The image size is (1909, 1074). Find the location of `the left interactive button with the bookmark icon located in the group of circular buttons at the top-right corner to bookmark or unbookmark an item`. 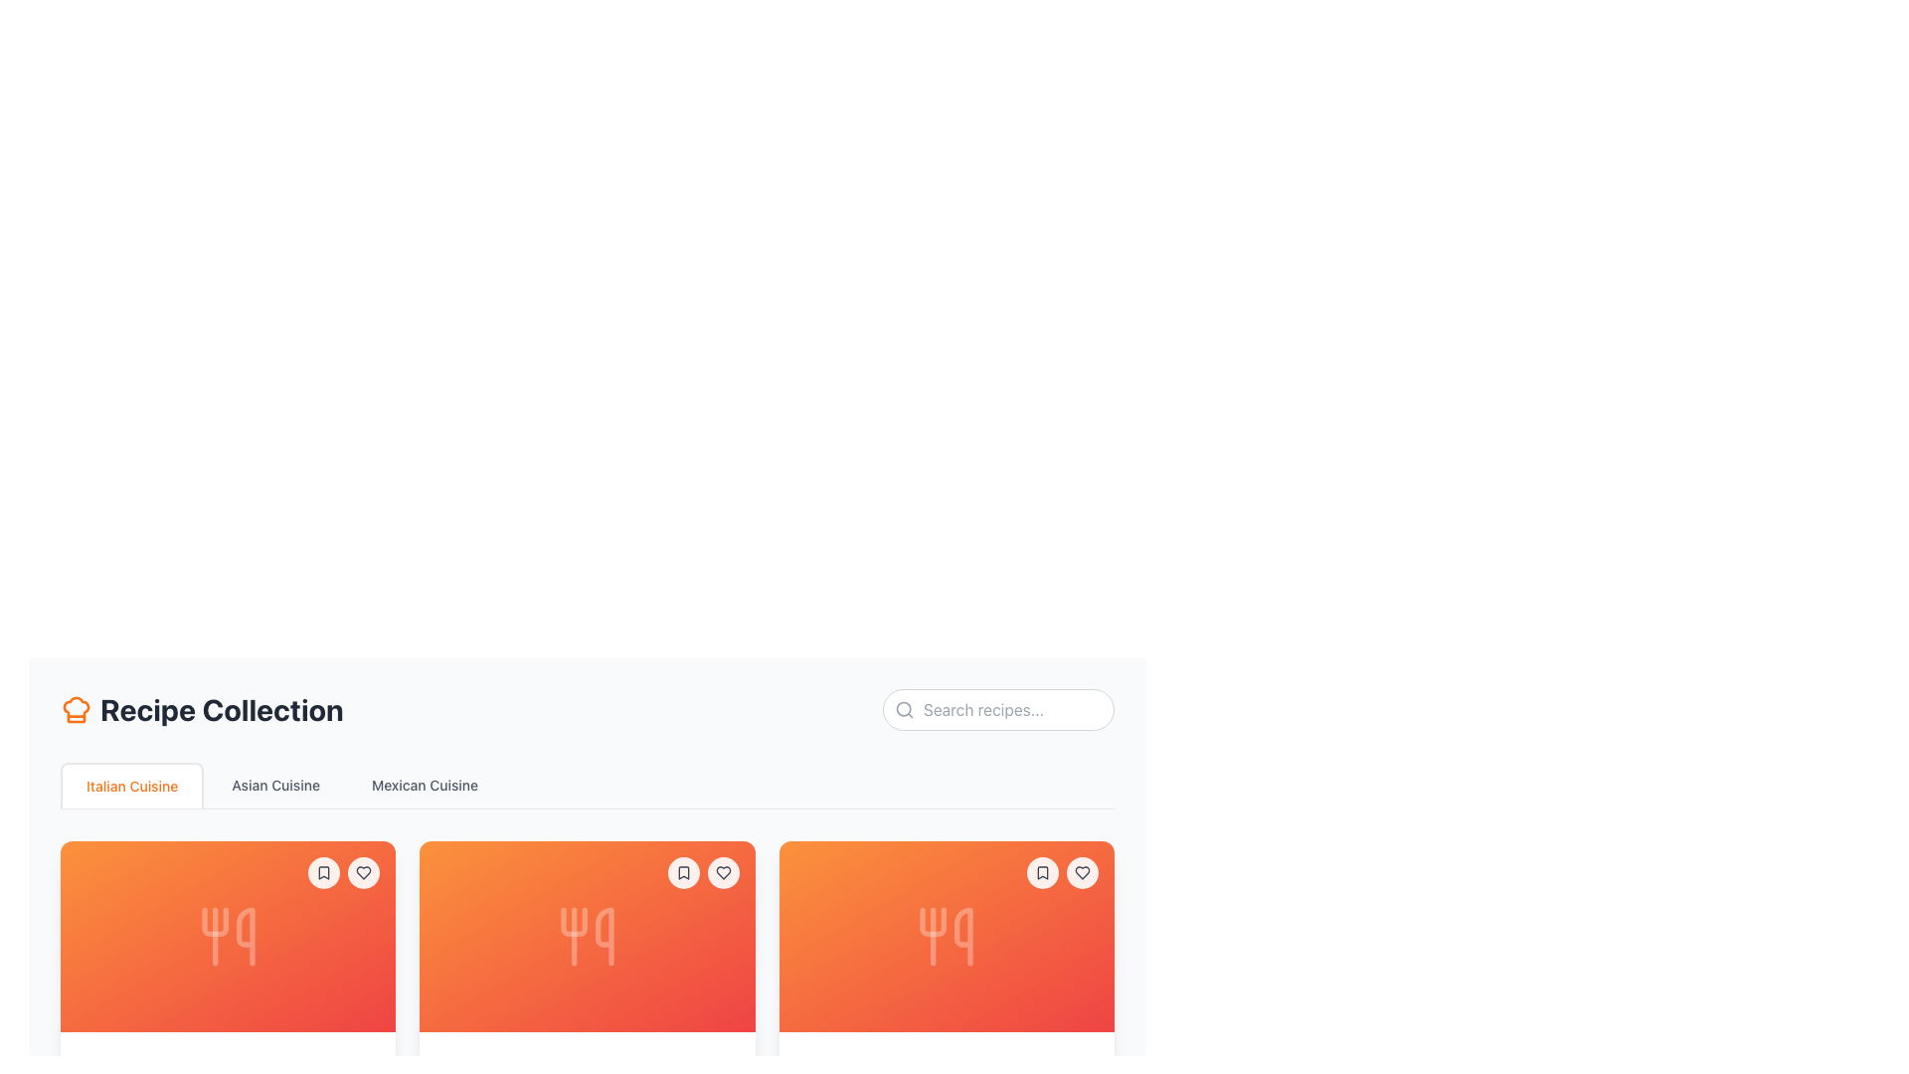

the left interactive button with the bookmark icon located in the group of circular buttons at the top-right corner to bookmark or unbookmark an item is located at coordinates (703, 872).